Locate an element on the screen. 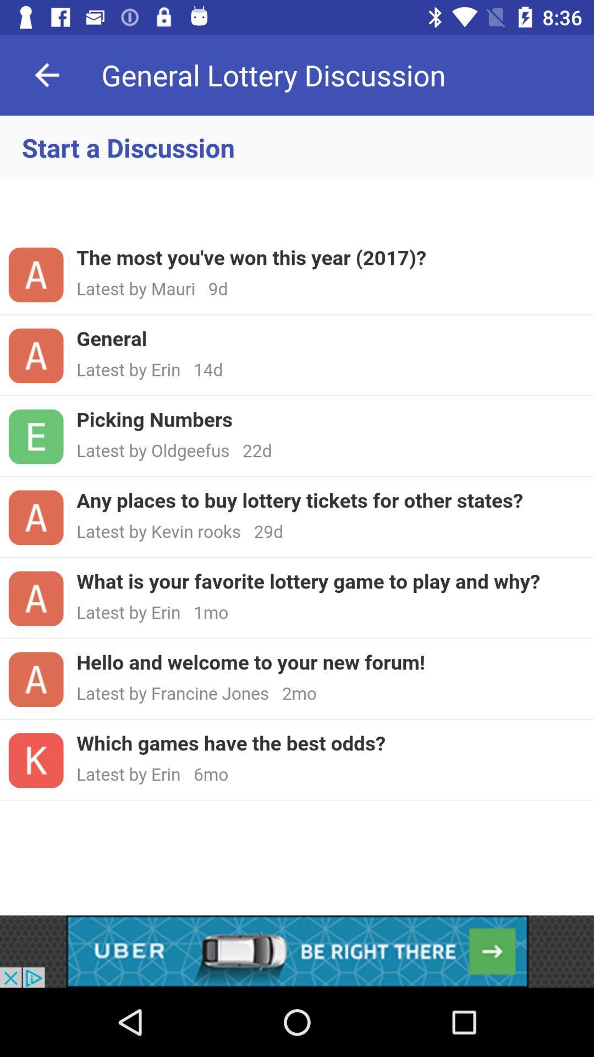 This screenshot has width=594, height=1057. advertisement from outside source is located at coordinates (297, 951).